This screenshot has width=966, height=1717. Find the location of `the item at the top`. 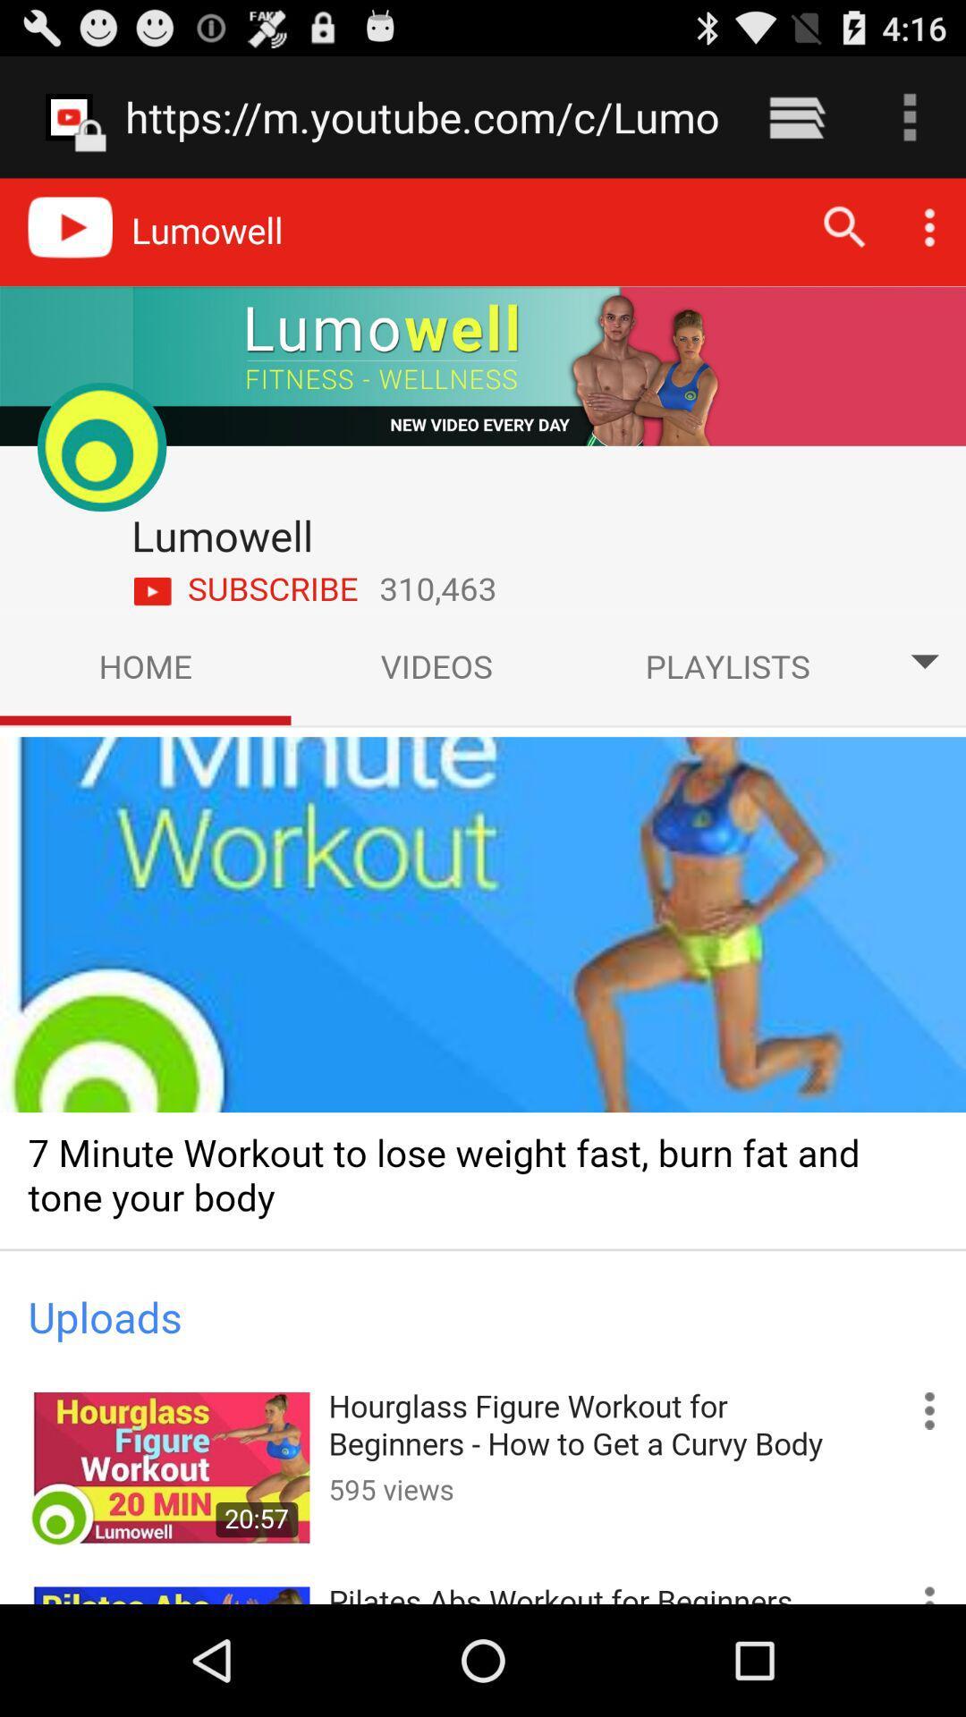

the item at the top is located at coordinates (422, 116).